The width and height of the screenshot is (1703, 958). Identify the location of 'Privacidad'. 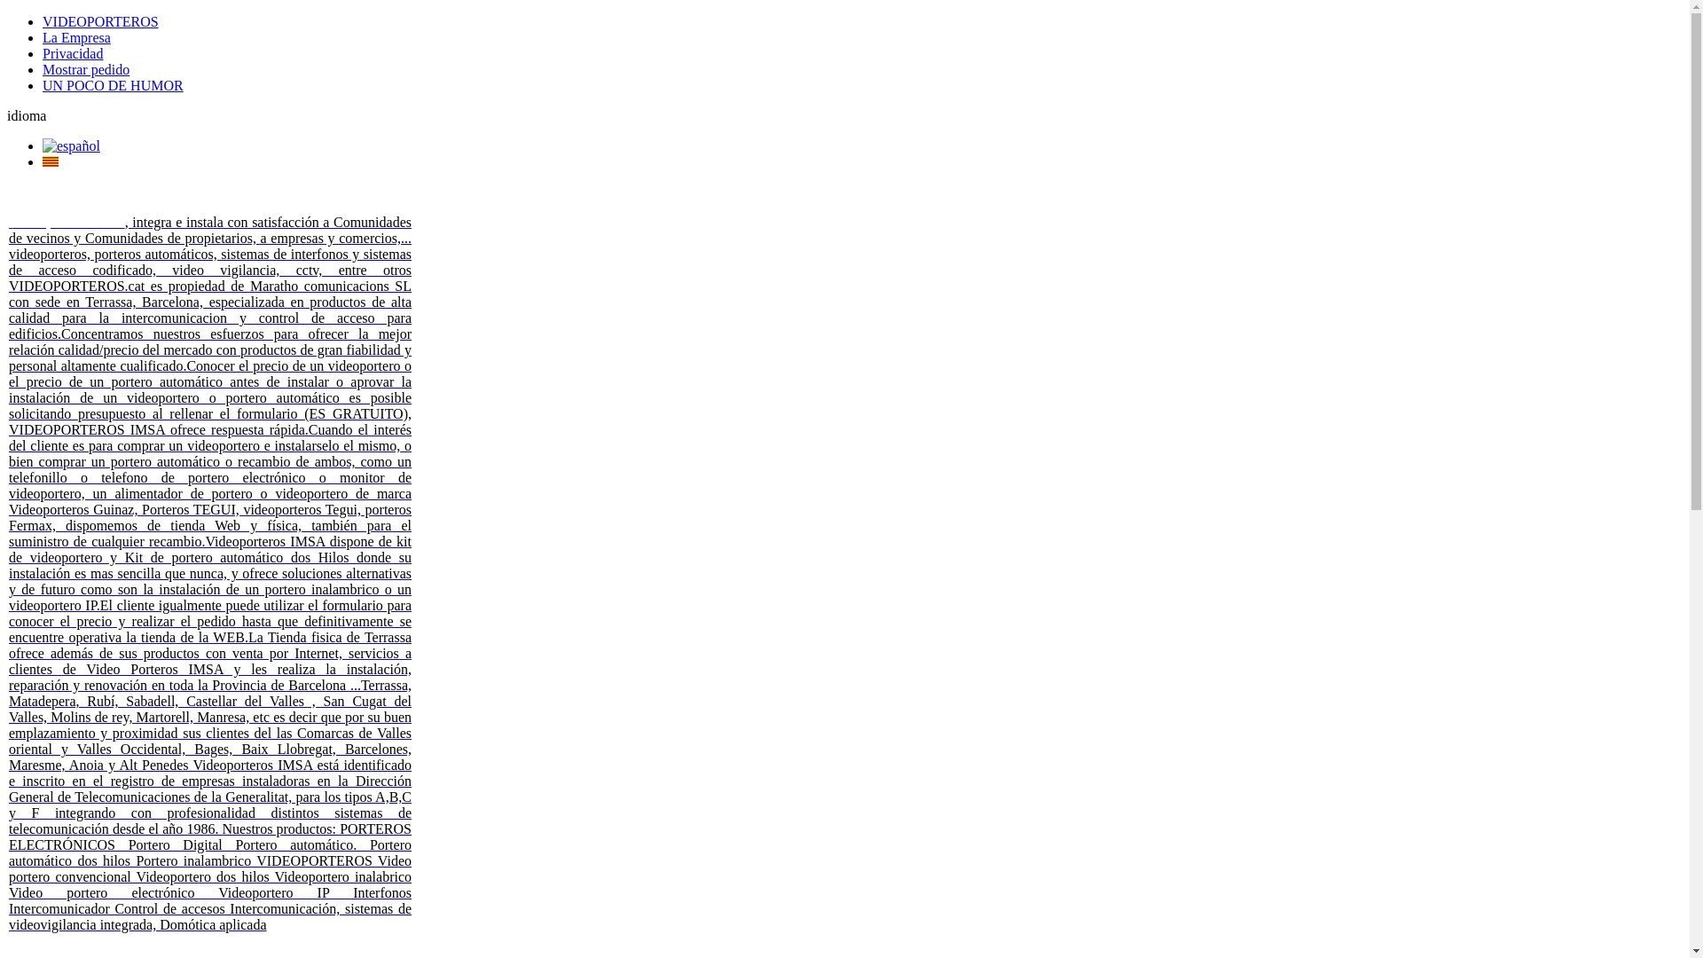
(71, 52).